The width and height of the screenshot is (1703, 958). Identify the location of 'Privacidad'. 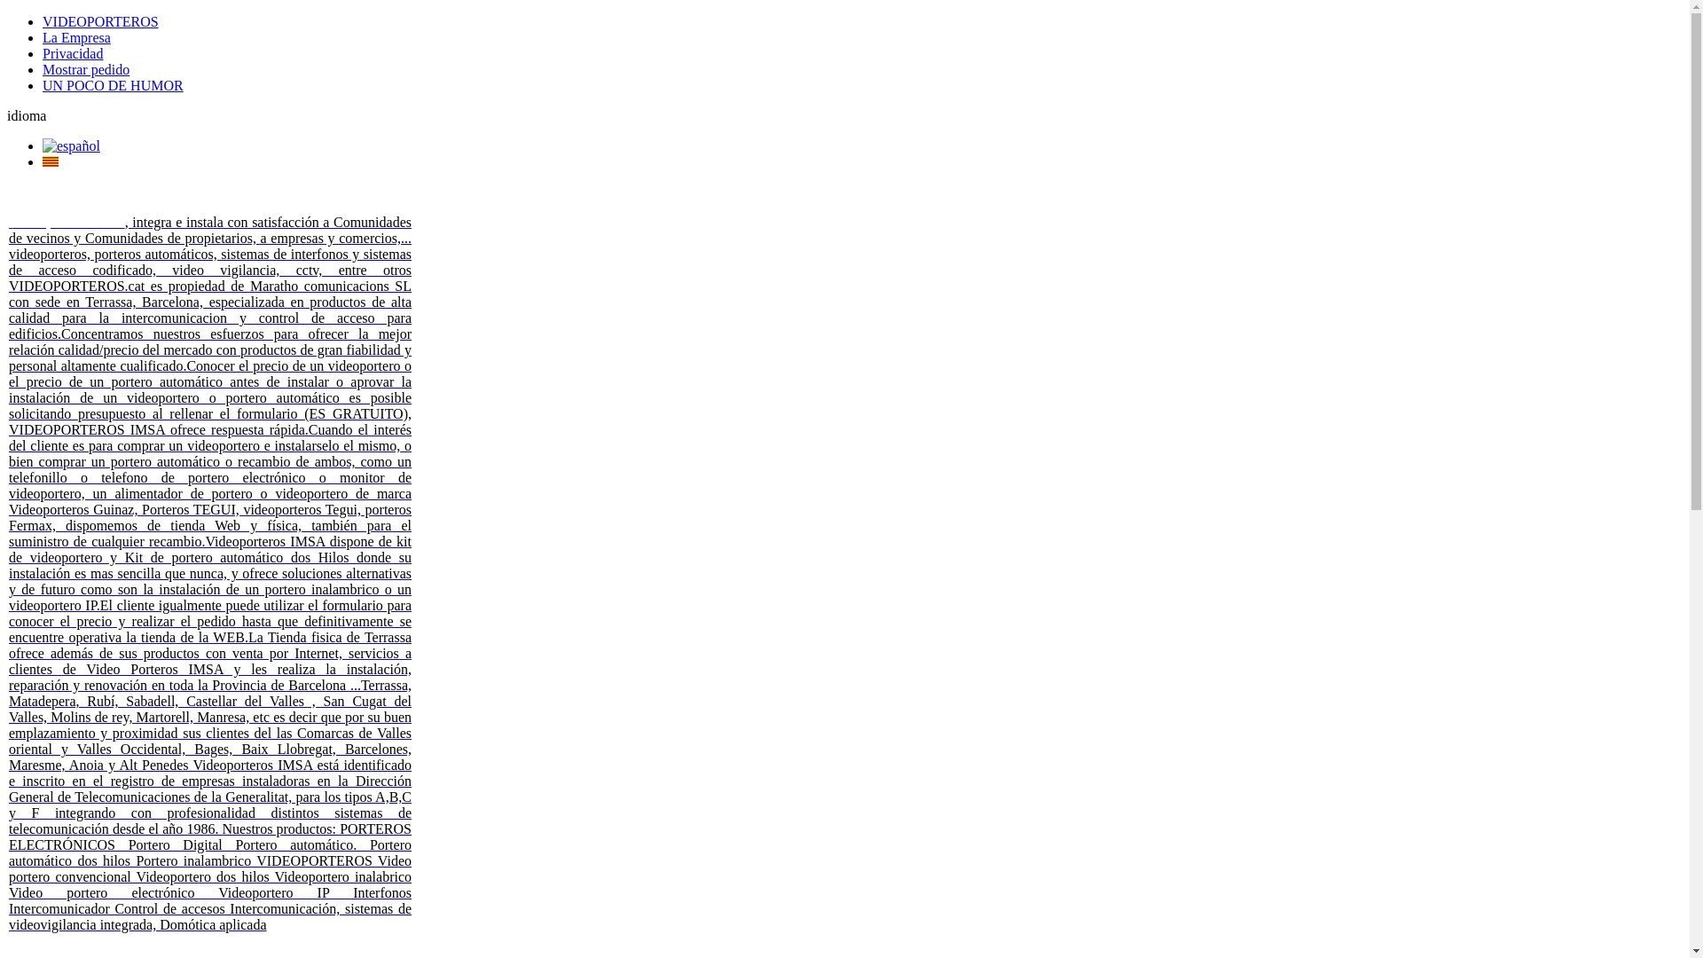
(71, 52).